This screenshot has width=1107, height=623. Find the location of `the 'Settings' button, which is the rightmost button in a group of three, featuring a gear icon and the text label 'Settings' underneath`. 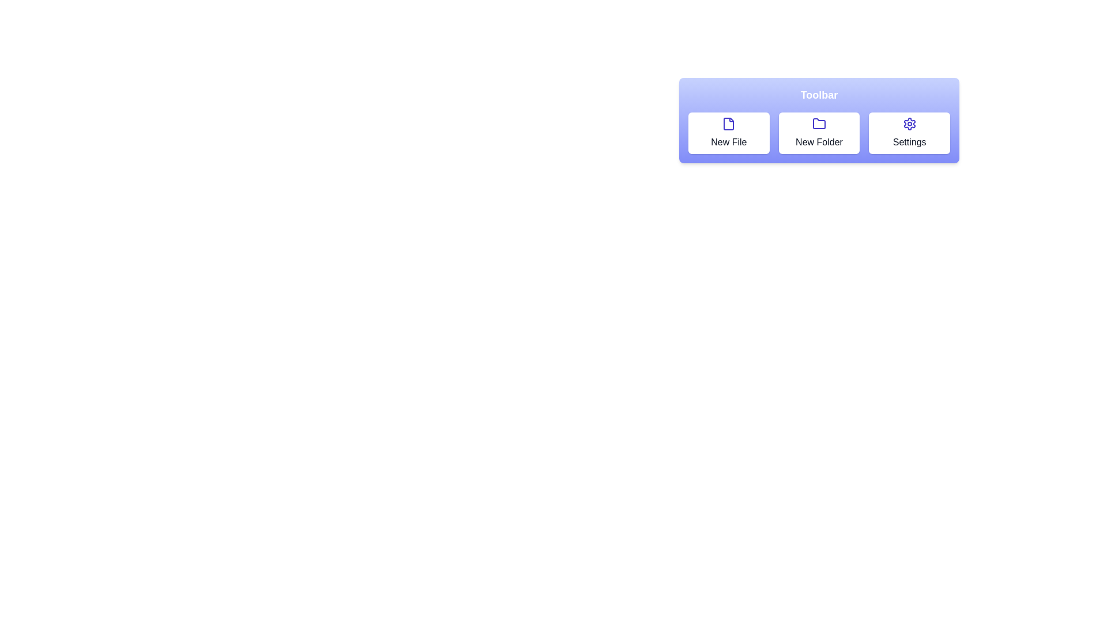

the 'Settings' button, which is the rightmost button in a group of three, featuring a gear icon and the text label 'Settings' underneath is located at coordinates (909, 133).